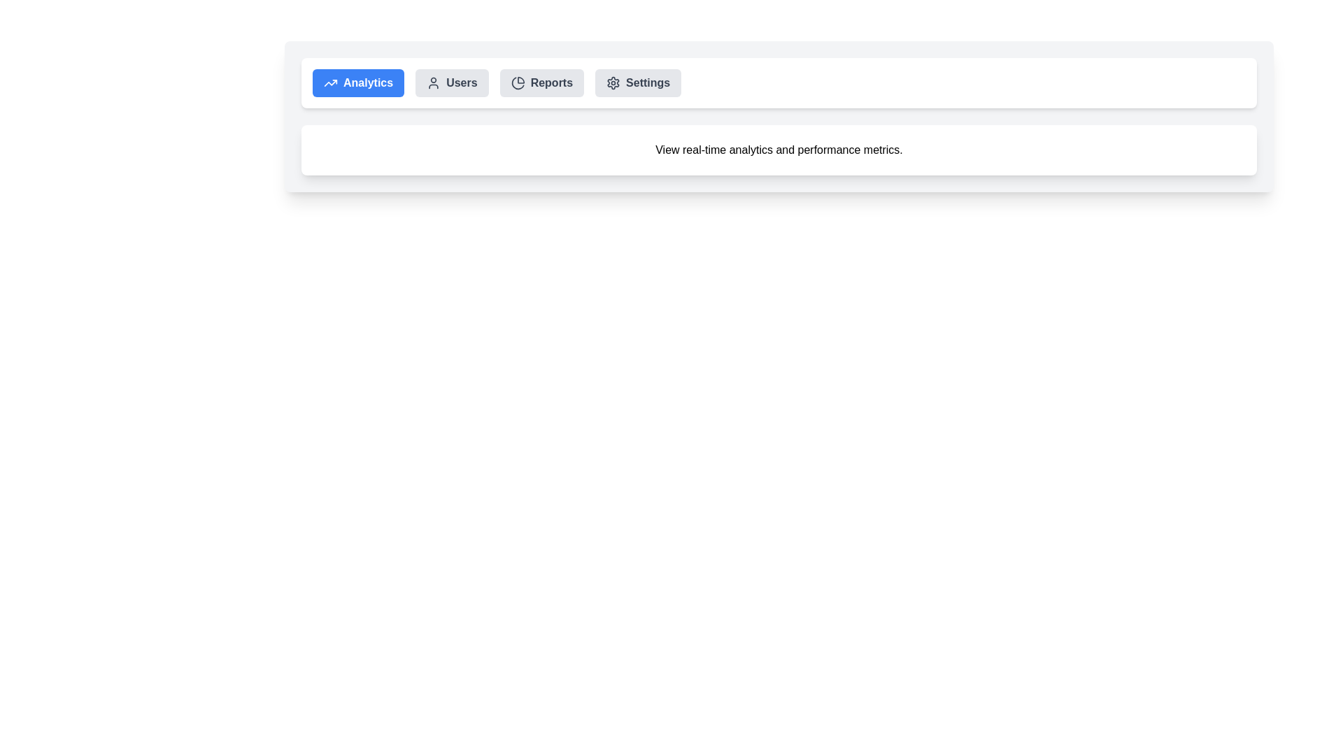 The height and width of the screenshot is (755, 1343). Describe the element at coordinates (452, 83) in the screenshot. I see `the Users tab by clicking on it` at that location.